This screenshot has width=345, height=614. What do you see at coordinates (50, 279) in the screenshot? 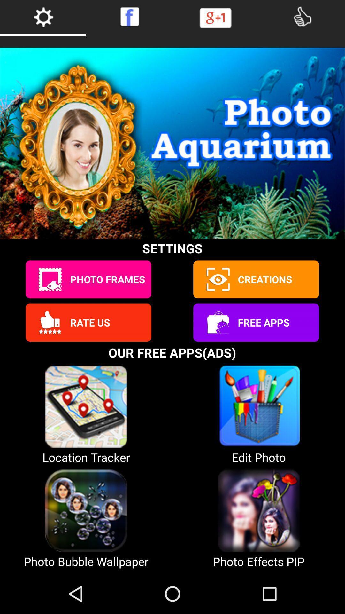
I see `photo frame options` at bounding box center [50, 279].